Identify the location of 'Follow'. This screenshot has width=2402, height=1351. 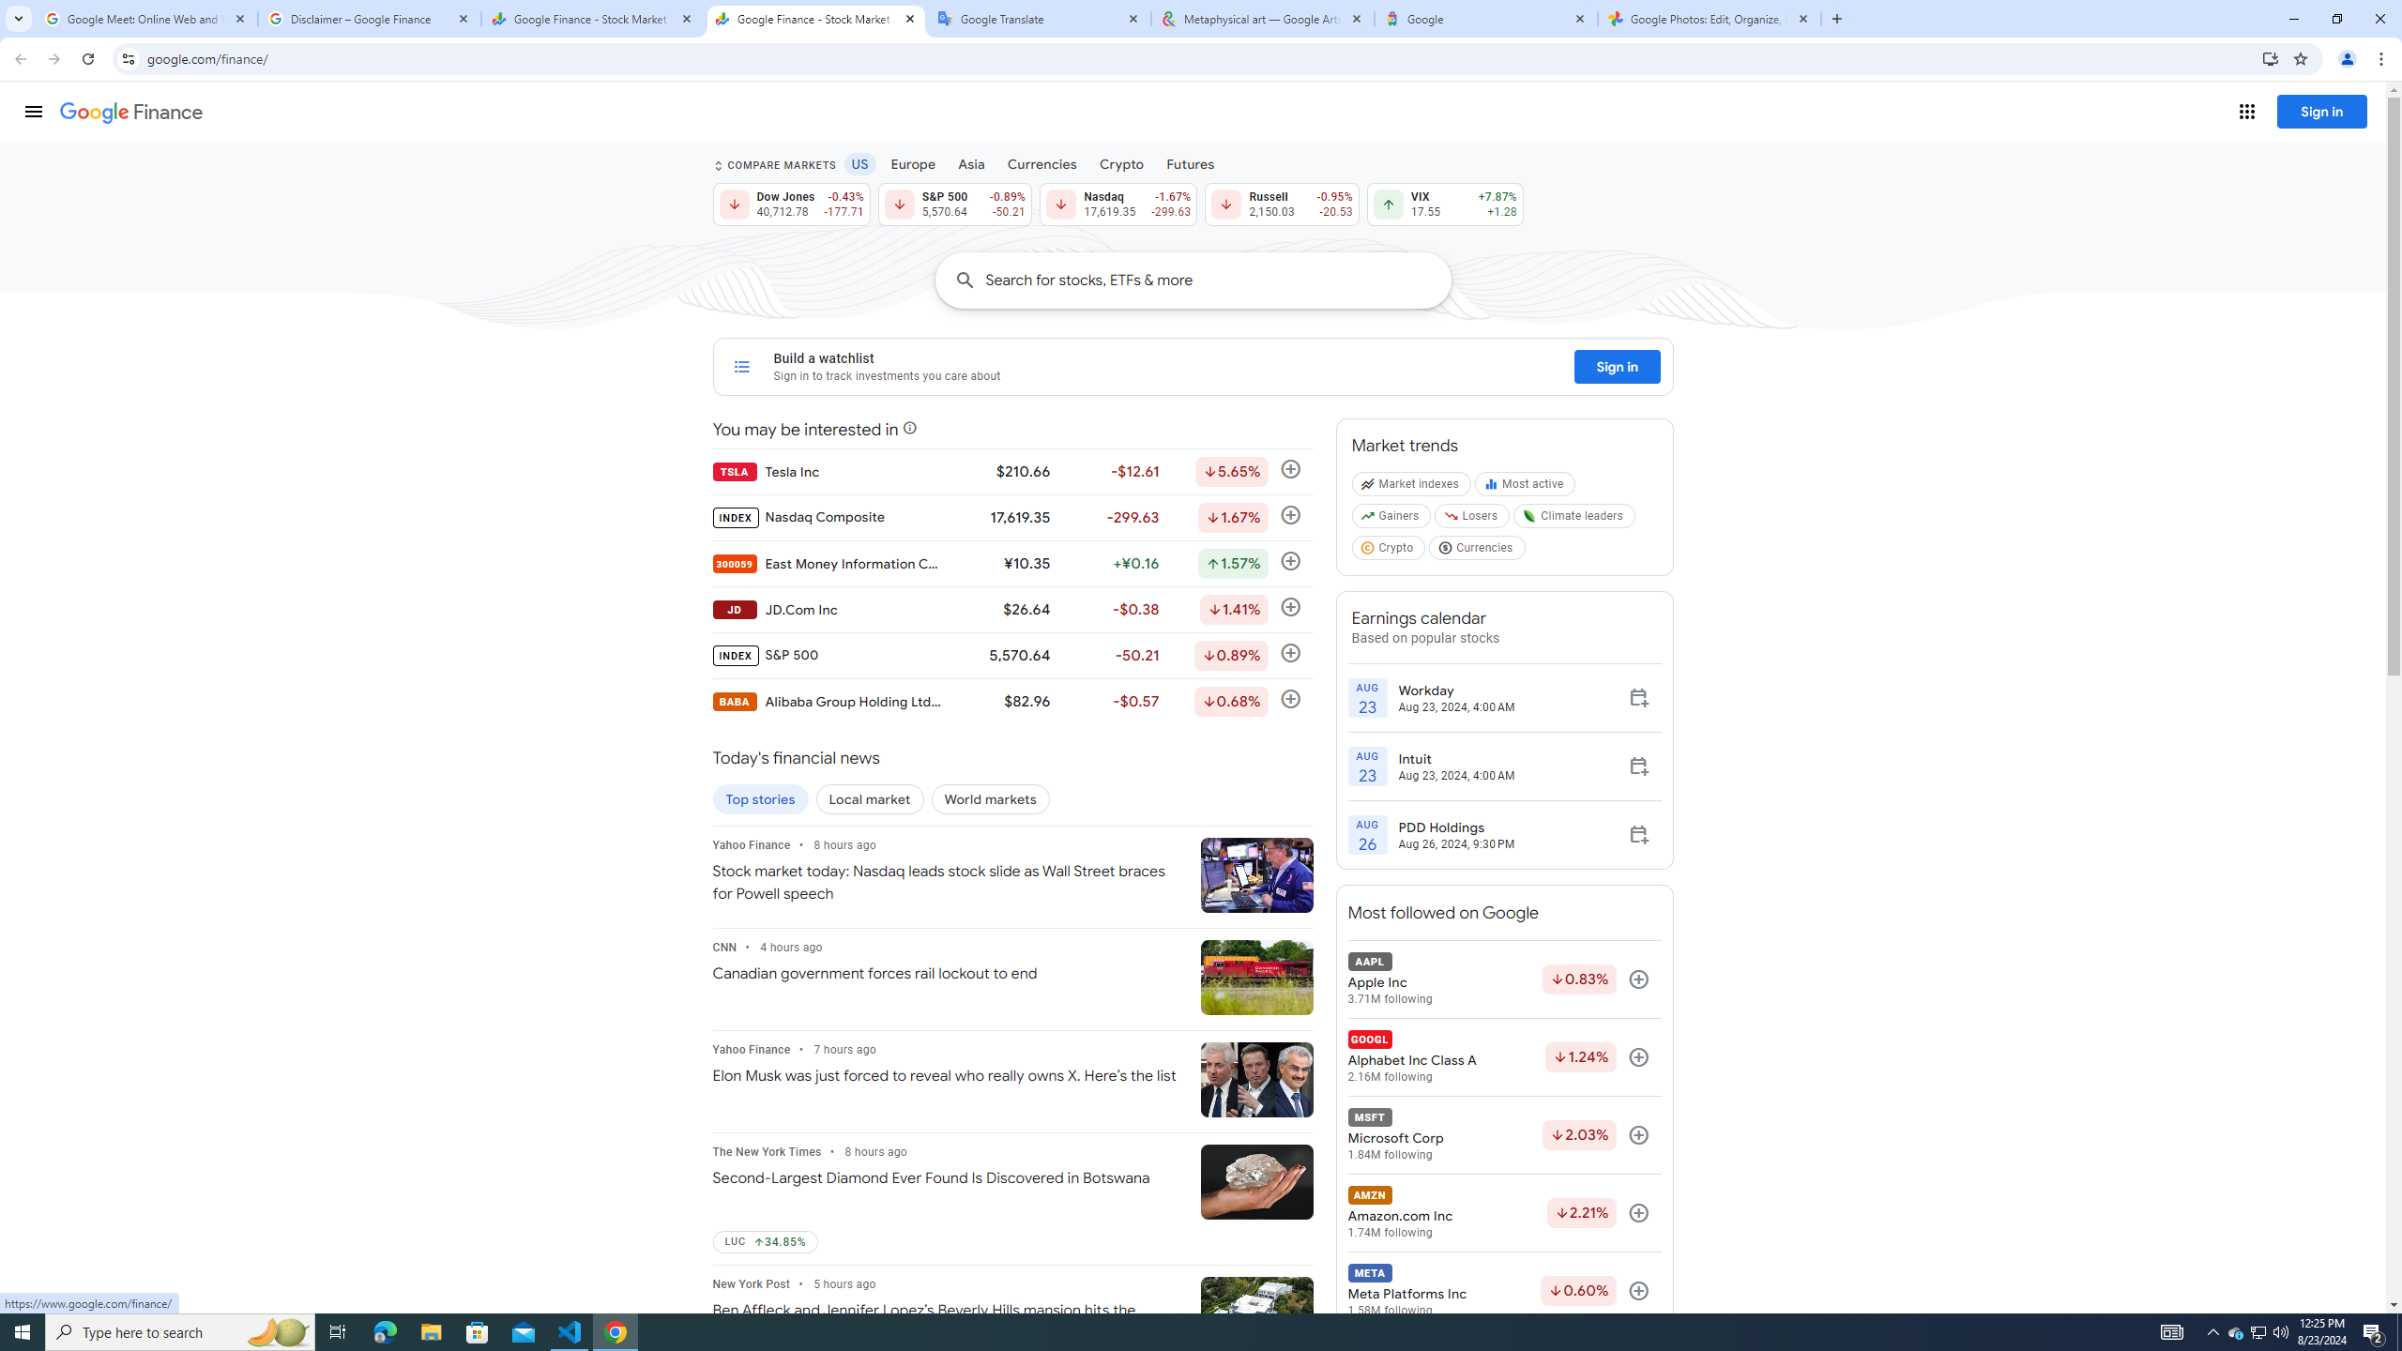
(1638, 1291).